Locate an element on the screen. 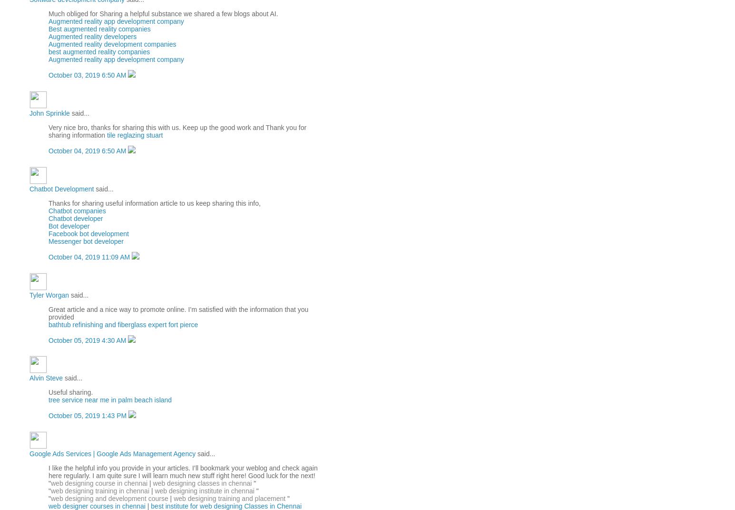  'Much obliged for Sharing a helpful substance we shared a few blogs about AI.' is located at coordinates (162, 13).